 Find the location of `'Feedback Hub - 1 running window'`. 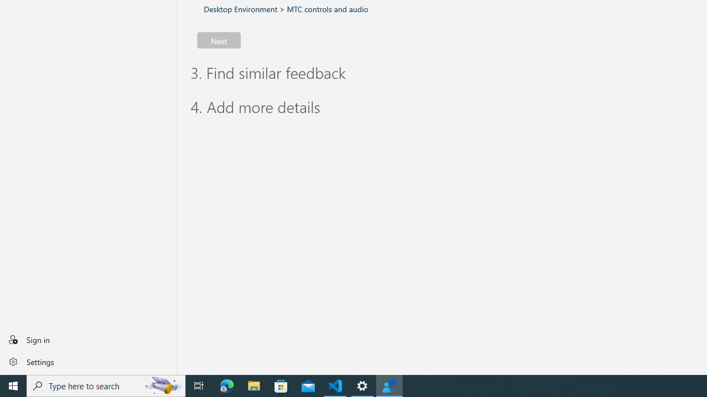

'Feedback Hub - 1 running window' is located at coordinates (389, 385).